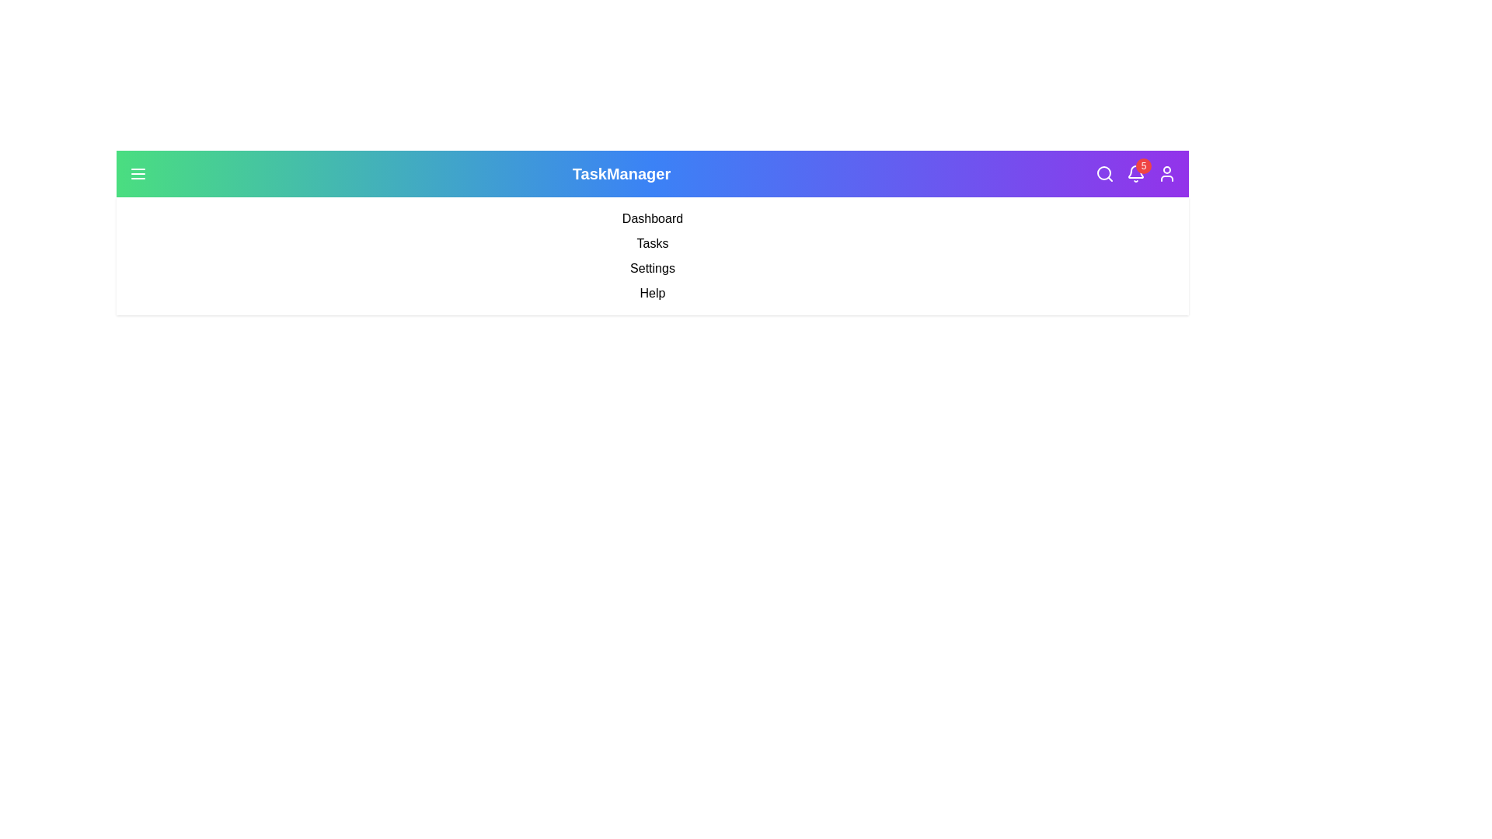 The height and width of the screenshot is (839, 1492). Describe the element at coordinates (653, 243) in the screenshot. I see `the 'Tasks' text element, which is the second item in the vertical menu list` at that location.